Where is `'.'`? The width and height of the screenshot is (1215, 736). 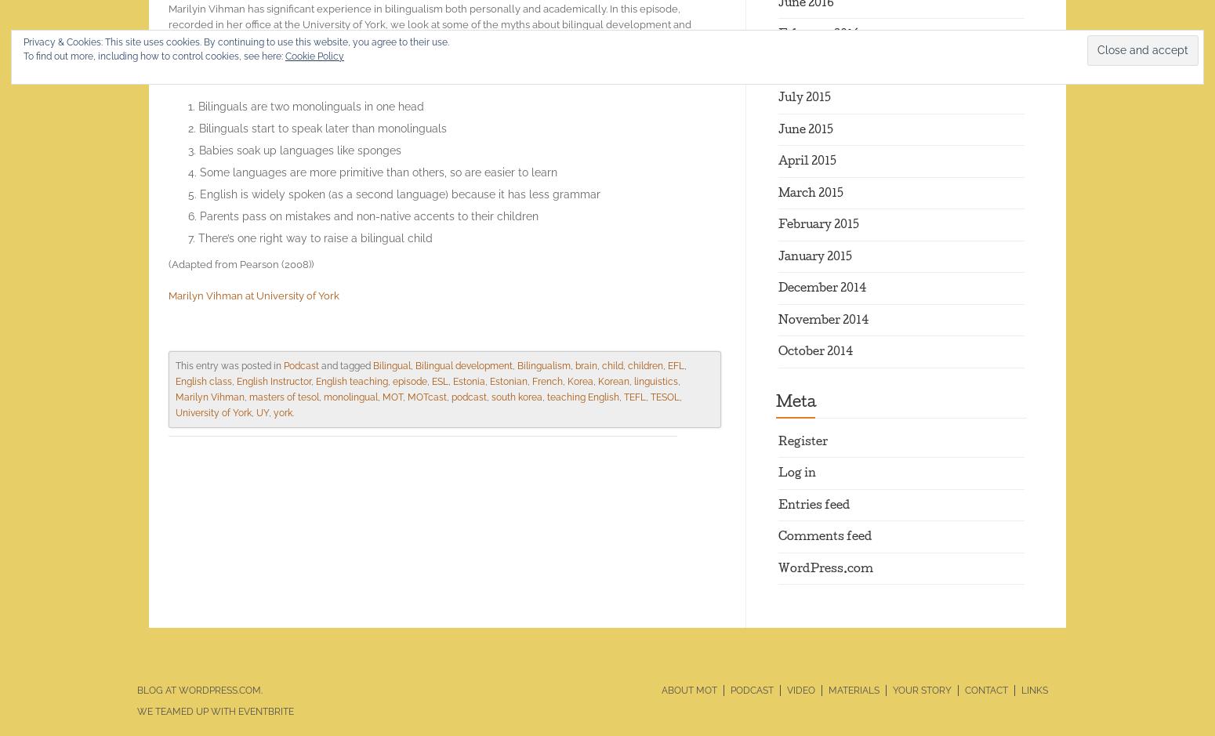 '.' is located at coordinates (291, 412).